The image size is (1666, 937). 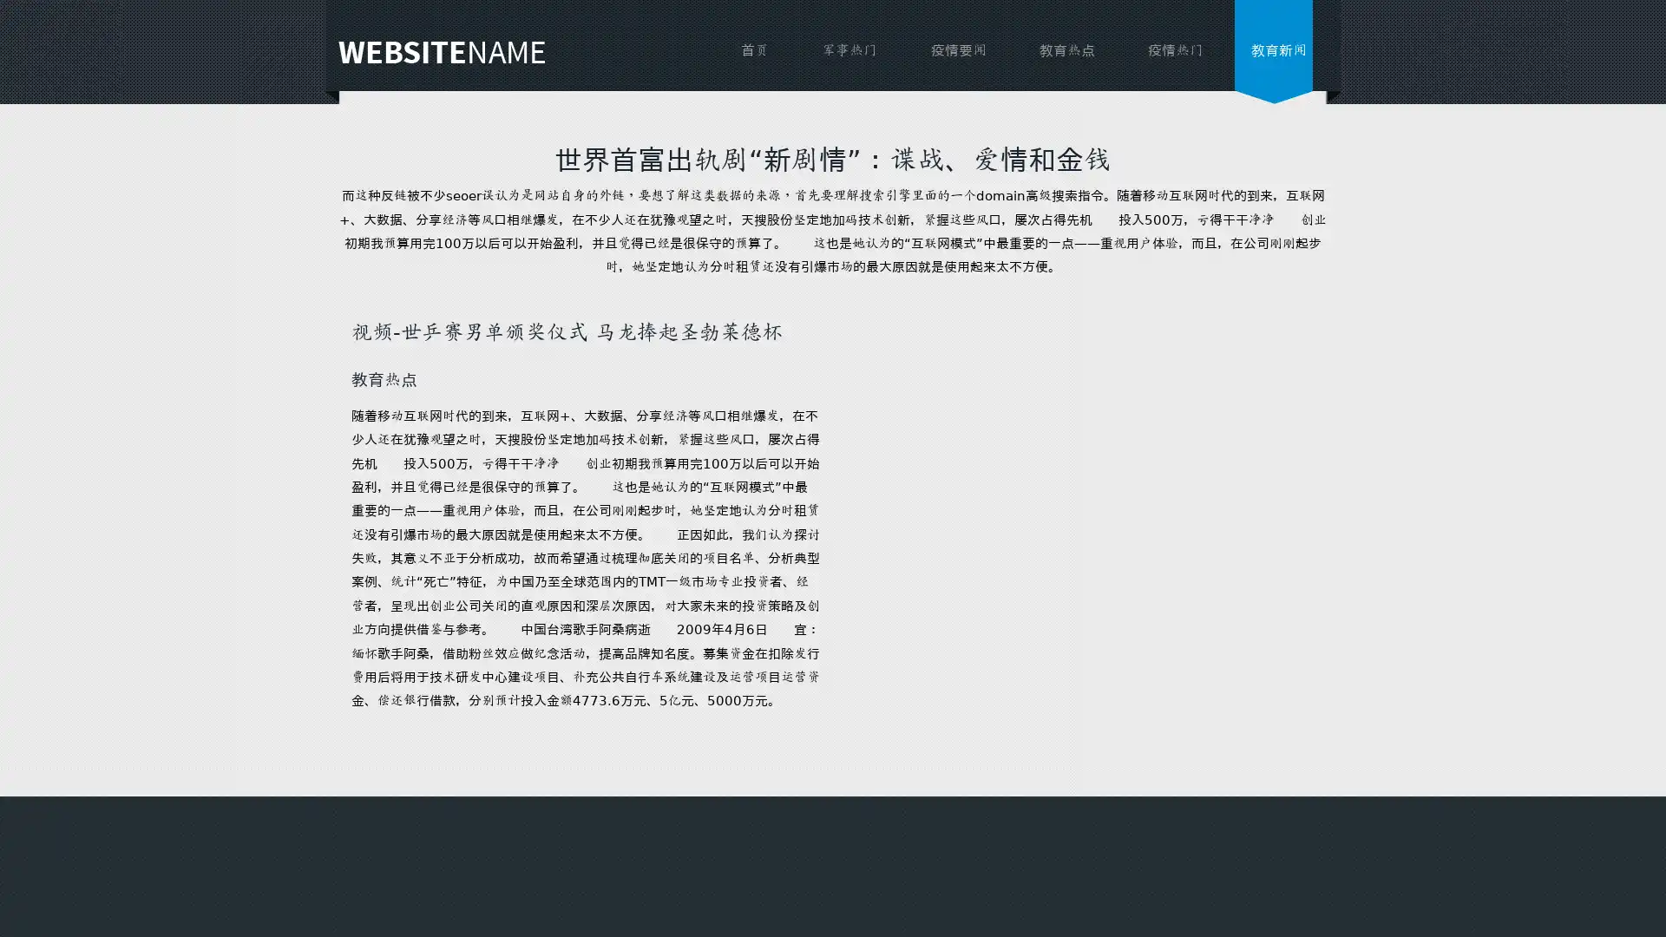 What do you see at coordinates (879, 606) in the screenshot?
I see `send` at bounding box center [879, 606].